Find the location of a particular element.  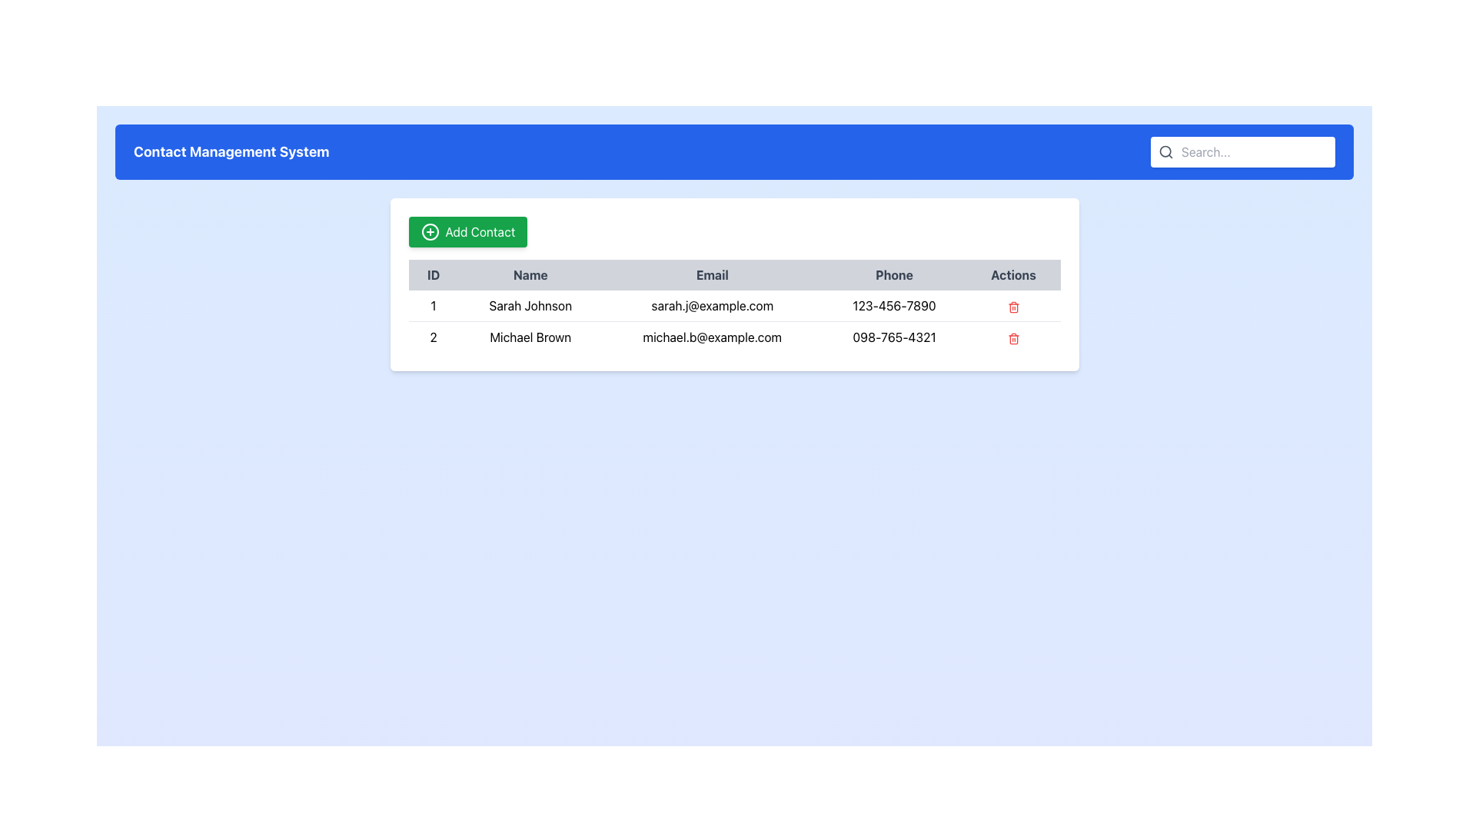

the red trash bin icon located in the second row of the 'Actions' column of the table to initiate a delete operation is located at coordinates (1013, 337).